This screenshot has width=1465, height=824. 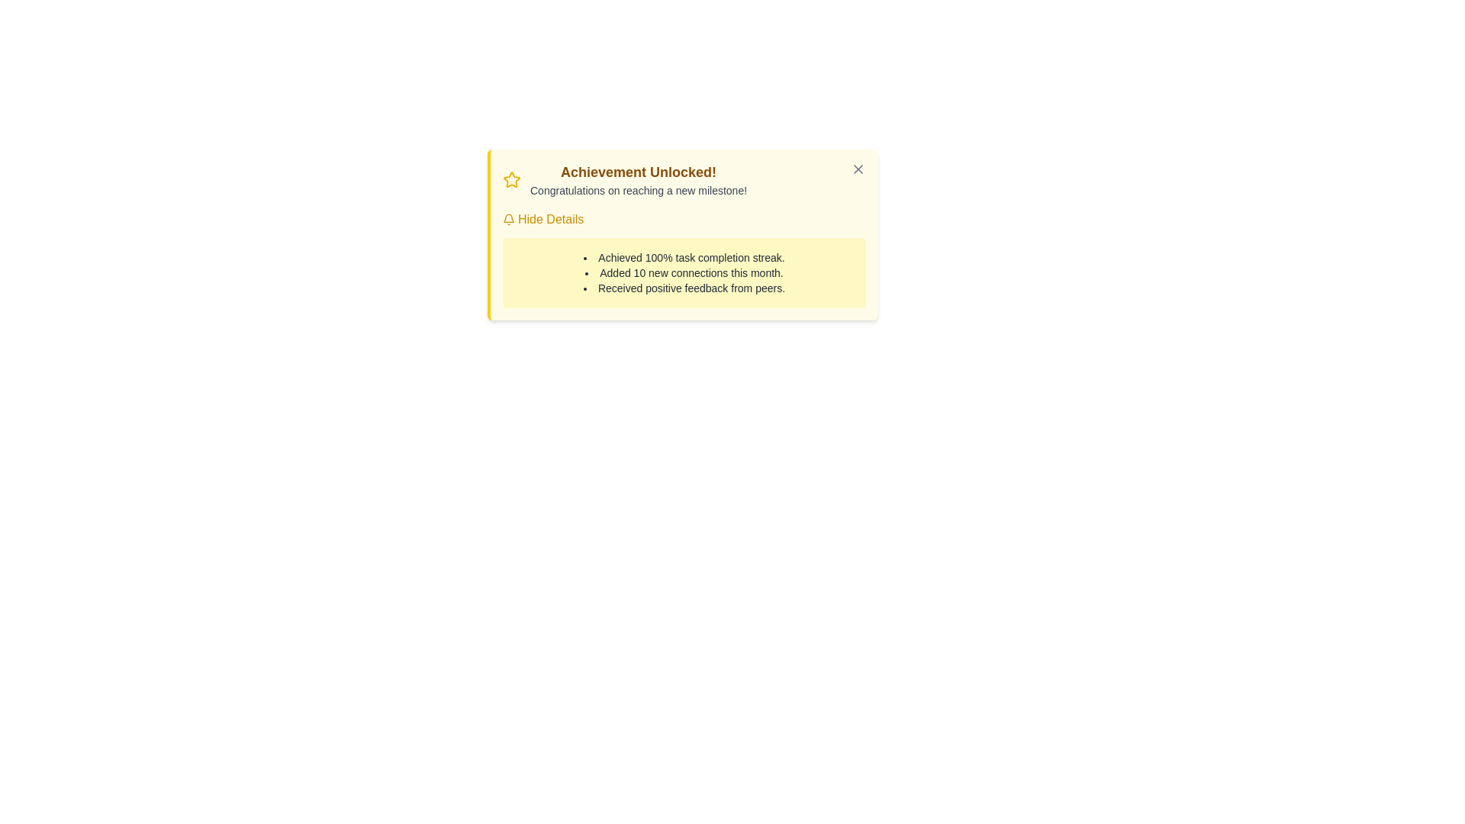 What do you see at coordinates (509, 218) in the screenshot?
I see `the notification alert icon located in the top-right area of the notification card` at bounding box center [509, 218].